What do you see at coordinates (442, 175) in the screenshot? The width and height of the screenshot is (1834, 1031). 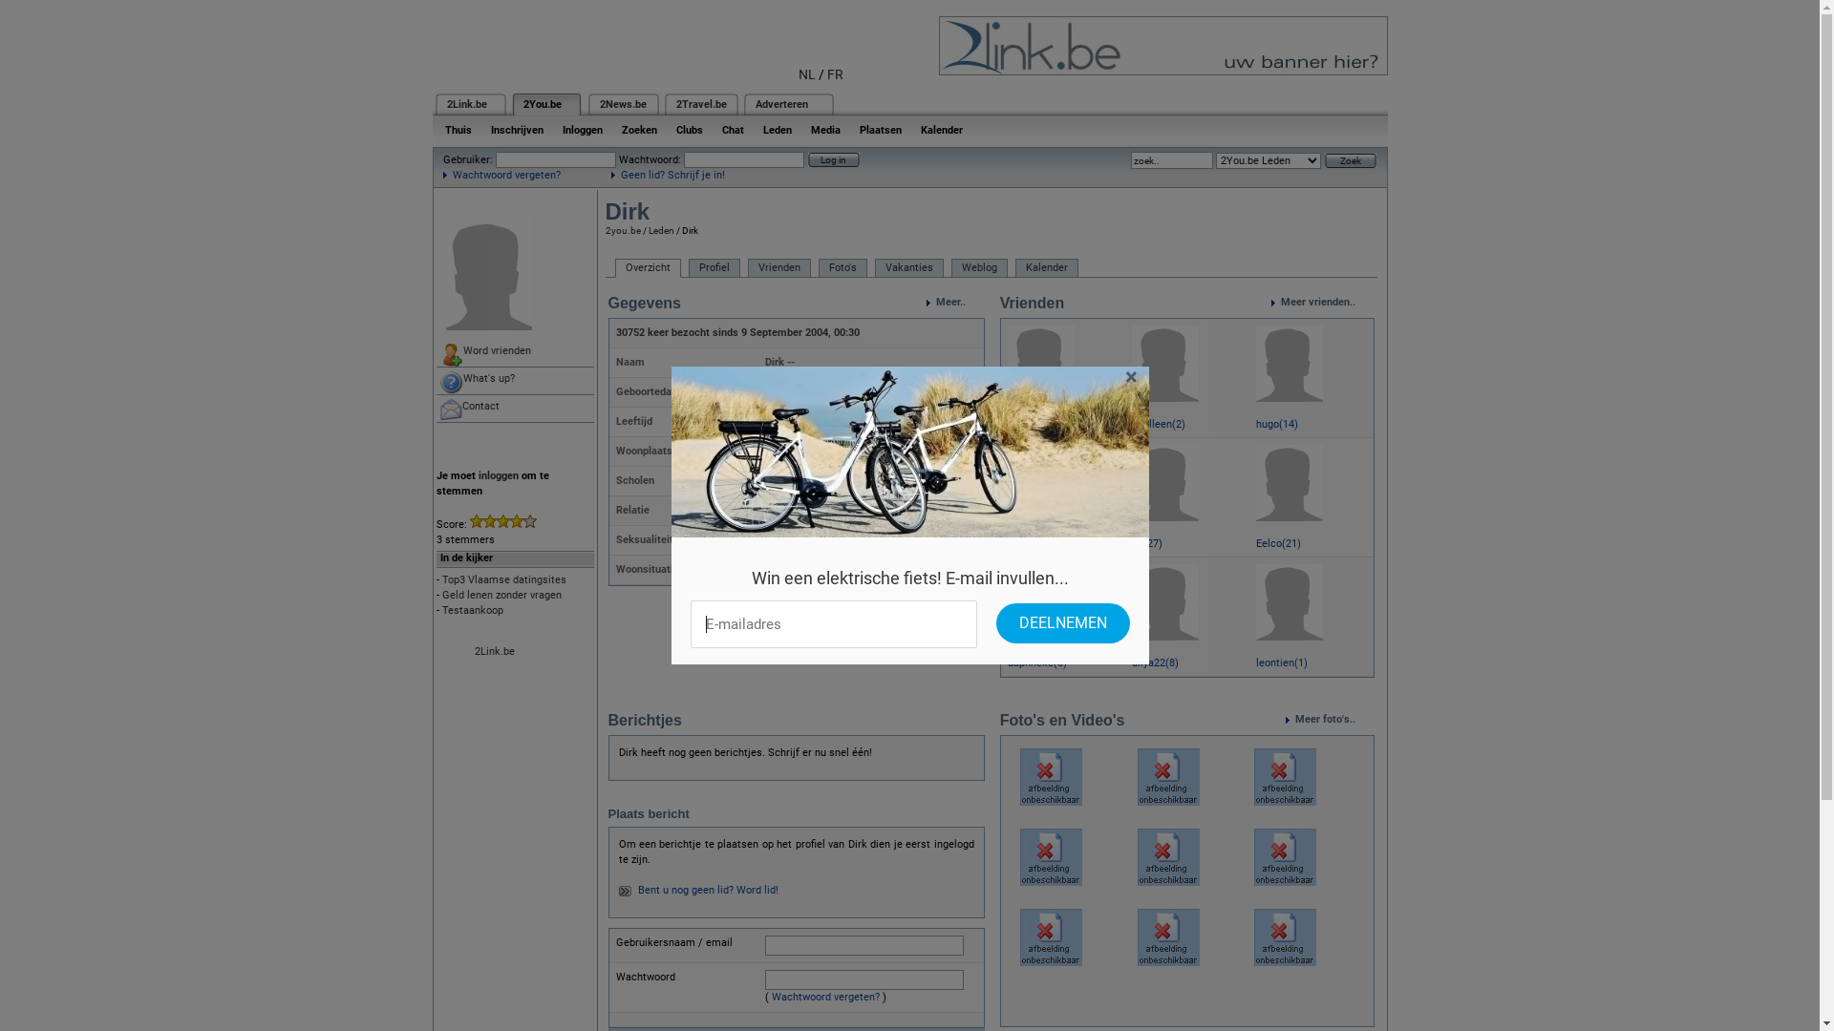 I see `'Wachtwoord vergeten?'` at bounding box center [442, 175].